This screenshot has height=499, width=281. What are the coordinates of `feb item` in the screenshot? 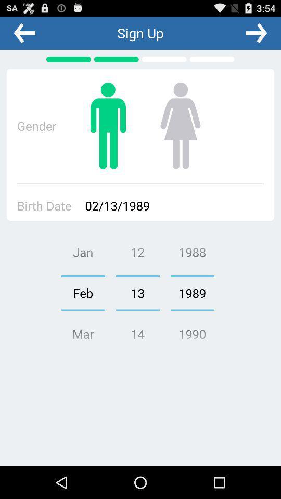 It's located at (82, 293).